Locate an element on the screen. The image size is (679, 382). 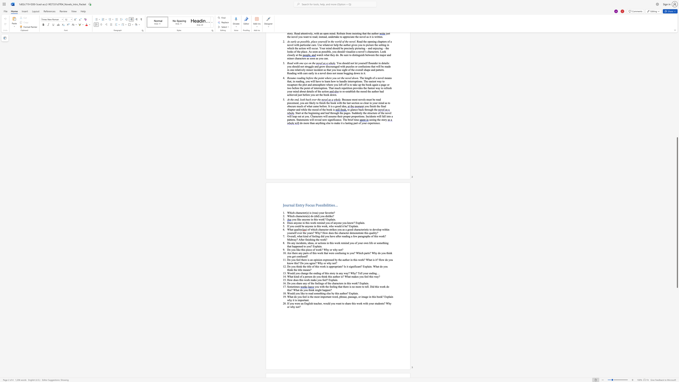
the space between the continuous character "(" and "s" in the text is located at coordinates (308, 216).